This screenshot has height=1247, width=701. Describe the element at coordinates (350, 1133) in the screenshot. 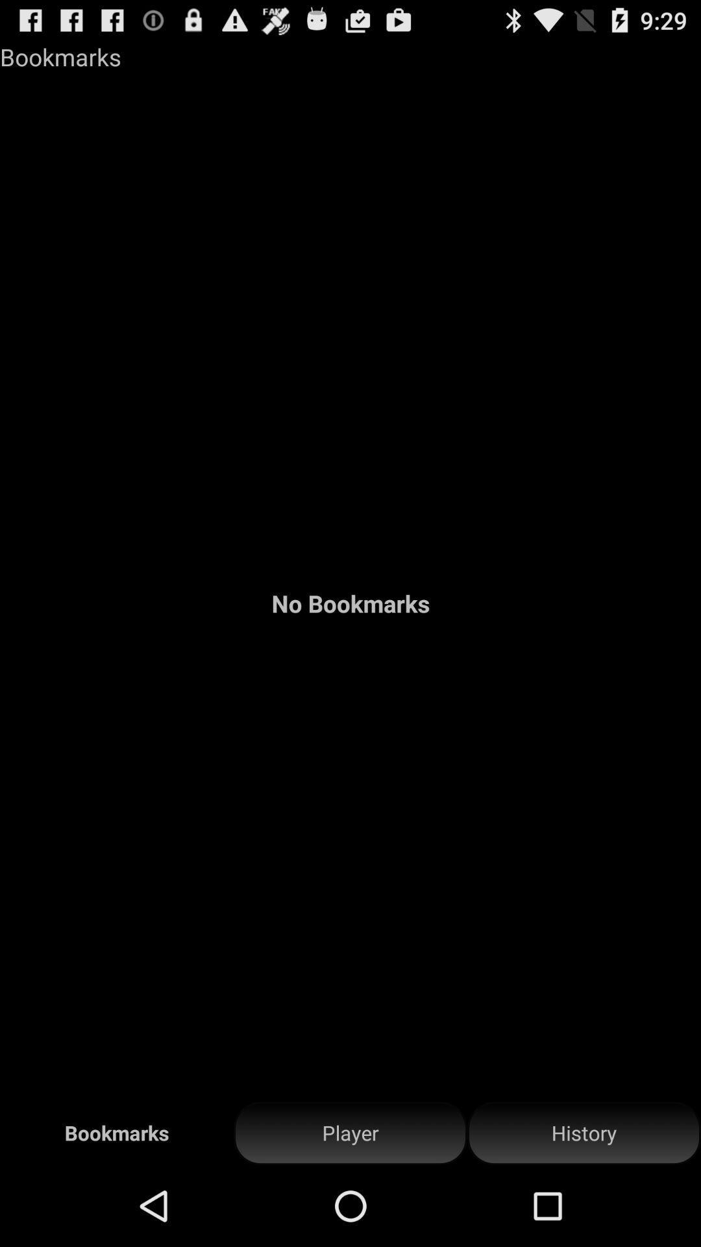

I see `item next to history item` at that location.